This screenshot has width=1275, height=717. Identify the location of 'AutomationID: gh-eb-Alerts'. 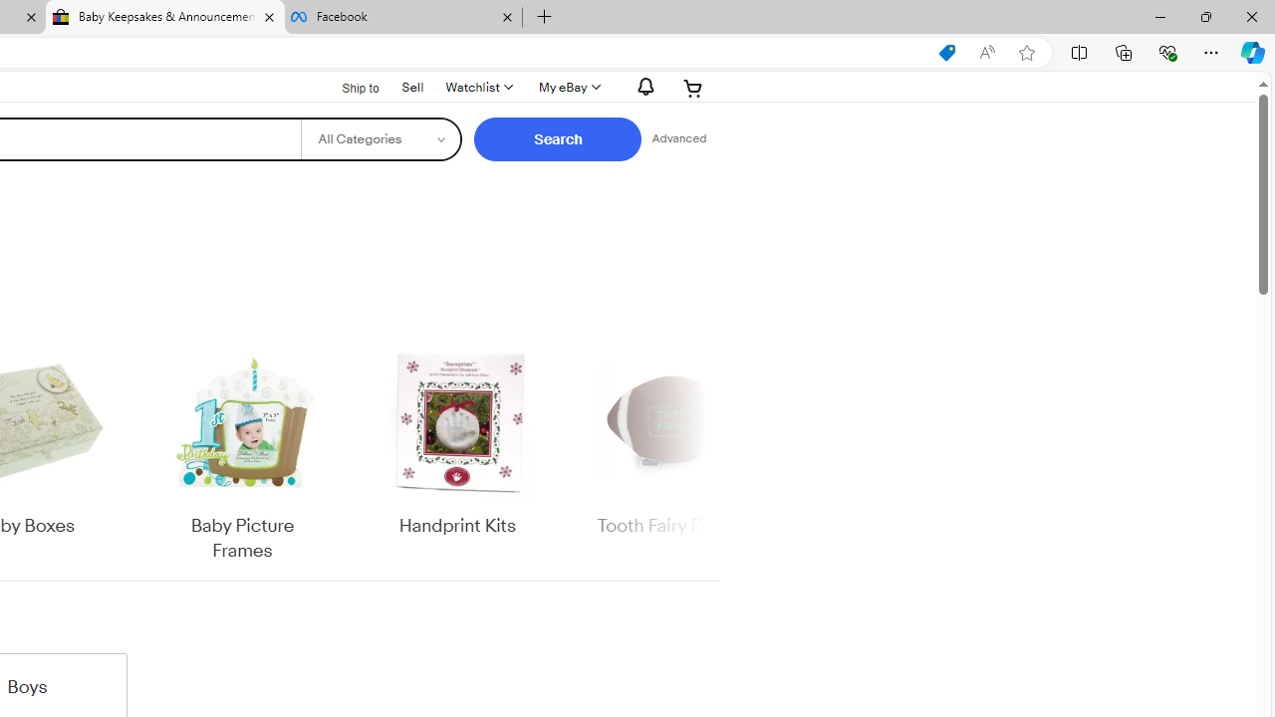
(642, 86).